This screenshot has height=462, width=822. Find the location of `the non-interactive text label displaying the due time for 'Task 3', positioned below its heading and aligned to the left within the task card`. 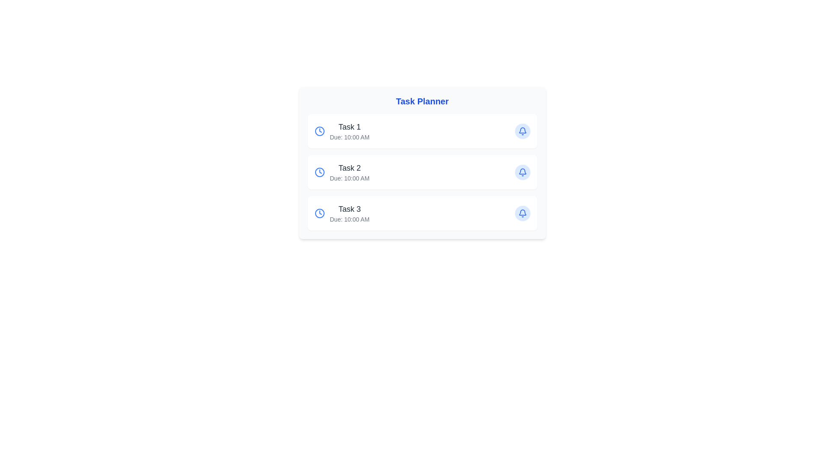

the non-interactive text label displaying the due time for 'Task 3', positioned below its heading and aligned to the left within the task card is located at coordinates (349, 219).